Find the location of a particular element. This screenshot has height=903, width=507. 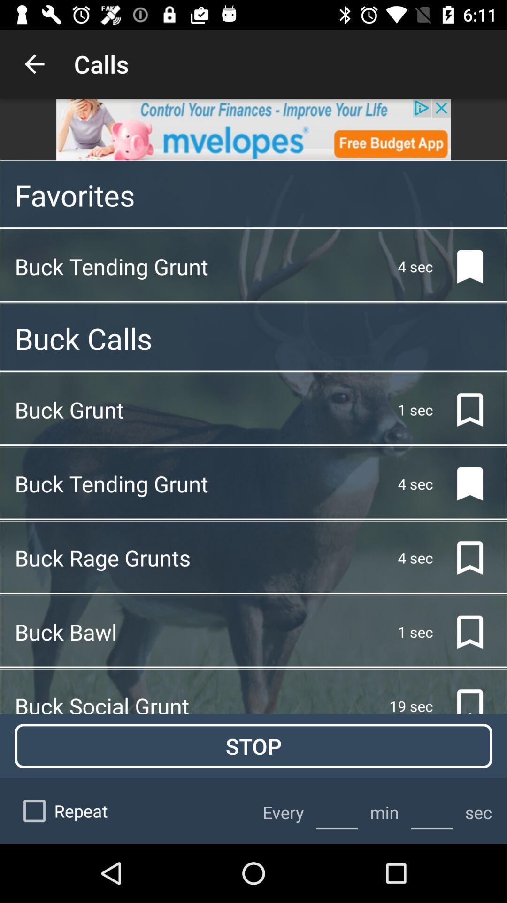

the bookmark icon is located at coordinates (462, 483).